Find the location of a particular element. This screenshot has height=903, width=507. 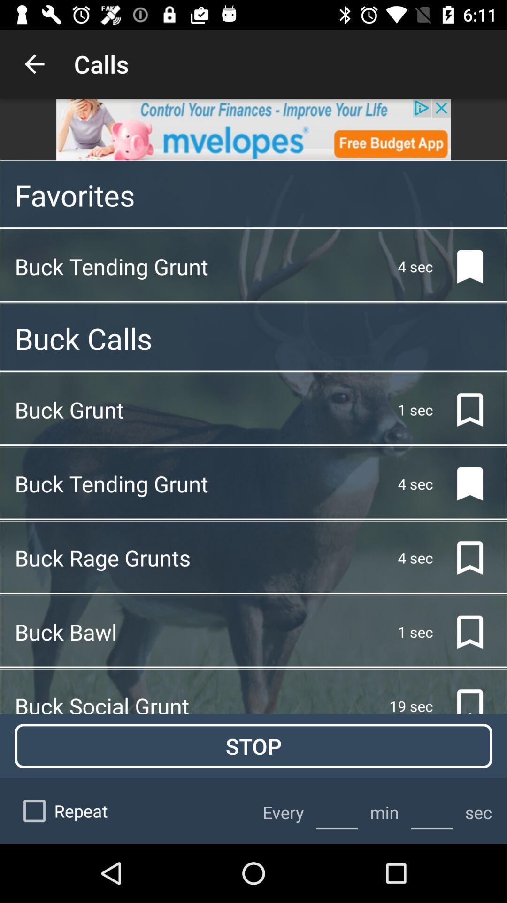

the bookmark icon is located at coordinates (462, 483).